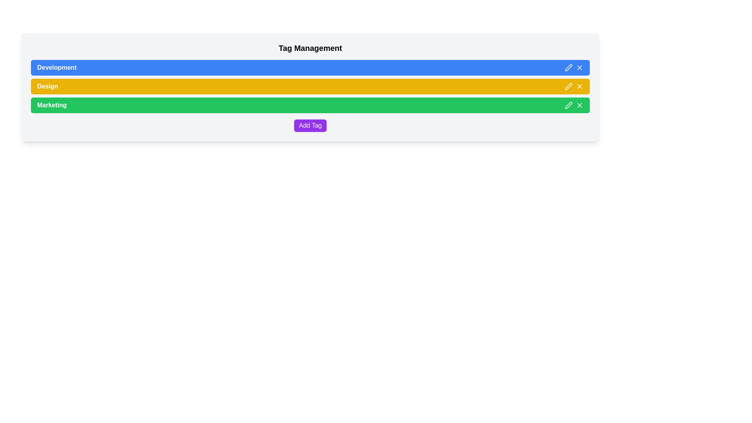  What do you see at coordinates (310, 86) in the screenshot?
I see `the 'Design' tag in the category bar for accessibility purposes` at bounding box center [310, 86].